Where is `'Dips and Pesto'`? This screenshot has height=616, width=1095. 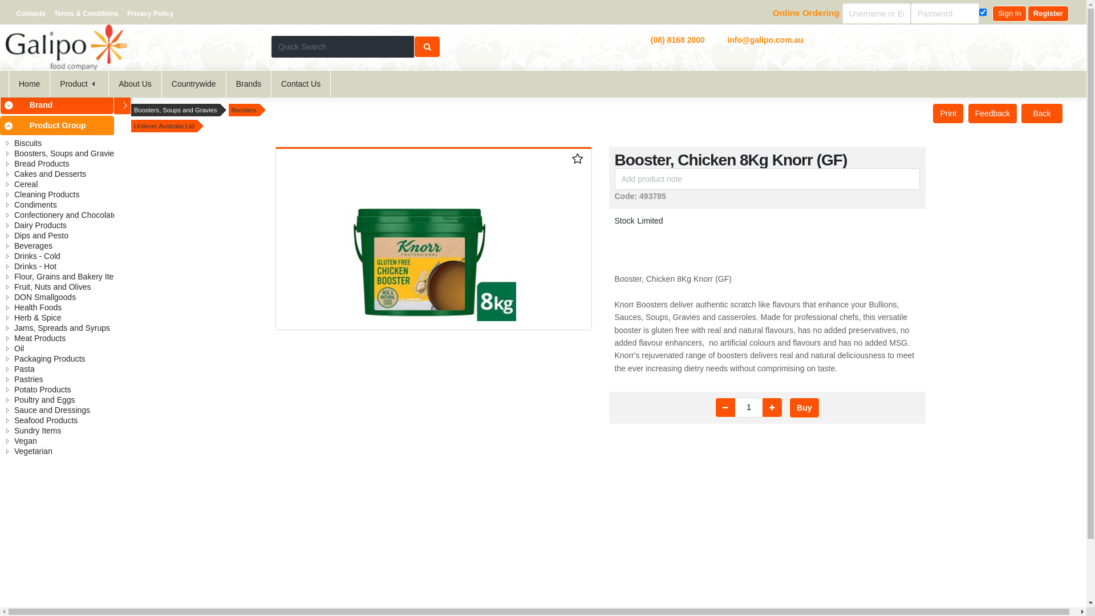 'Dips and Pesto' is located at coordinates (41, 234).